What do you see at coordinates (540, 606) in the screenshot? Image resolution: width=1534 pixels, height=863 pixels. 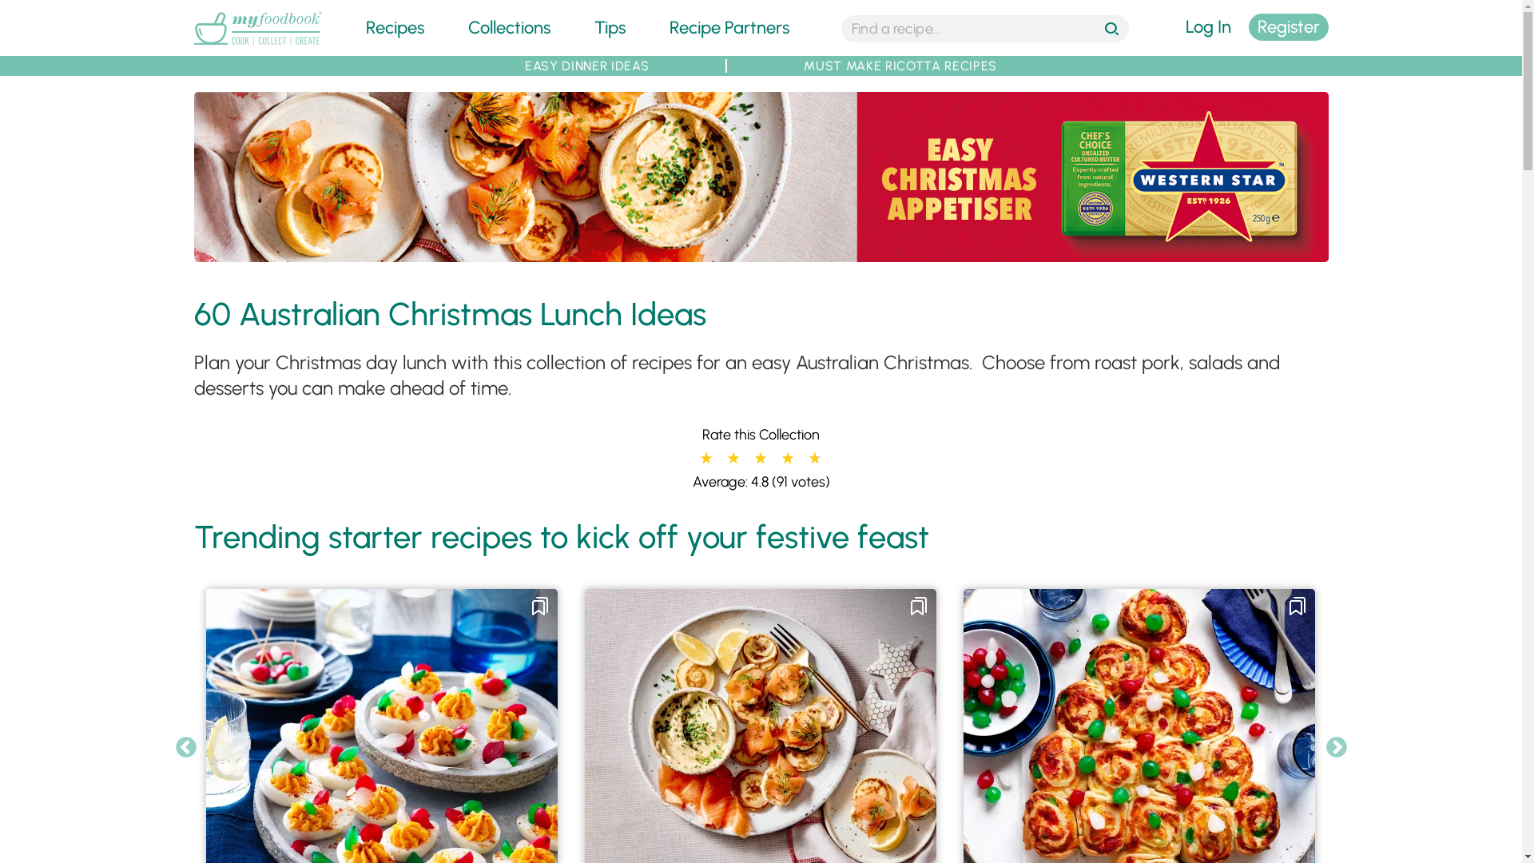 I see `'Save recipe'` at bounding box center [540, 606].